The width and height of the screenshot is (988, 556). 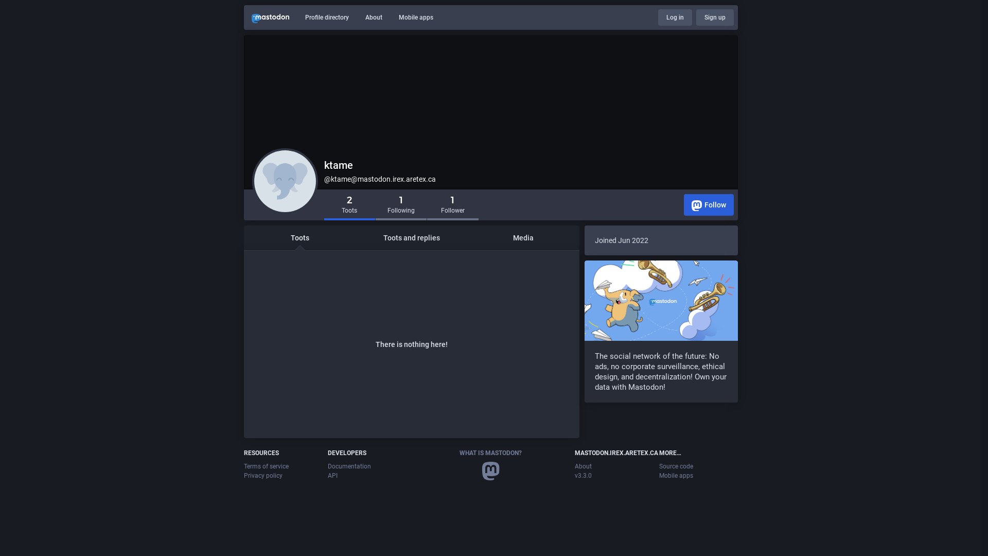 What do you see at coordinates (657, 18) in the screenshot?
I see `'Log in'` at bounding box center [657, 18].